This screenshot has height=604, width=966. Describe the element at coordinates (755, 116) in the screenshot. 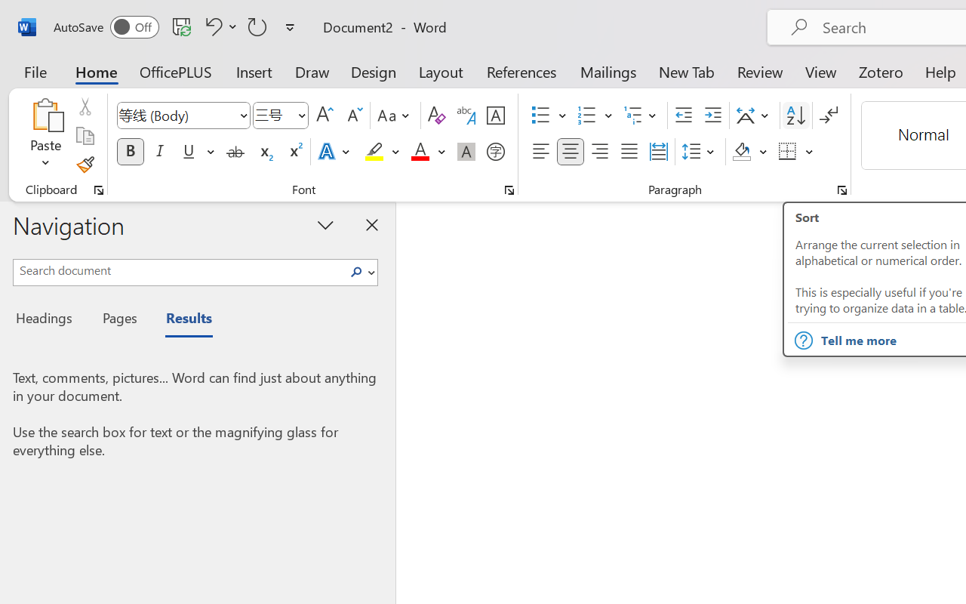

I see `'Asian Layout'` at that location.